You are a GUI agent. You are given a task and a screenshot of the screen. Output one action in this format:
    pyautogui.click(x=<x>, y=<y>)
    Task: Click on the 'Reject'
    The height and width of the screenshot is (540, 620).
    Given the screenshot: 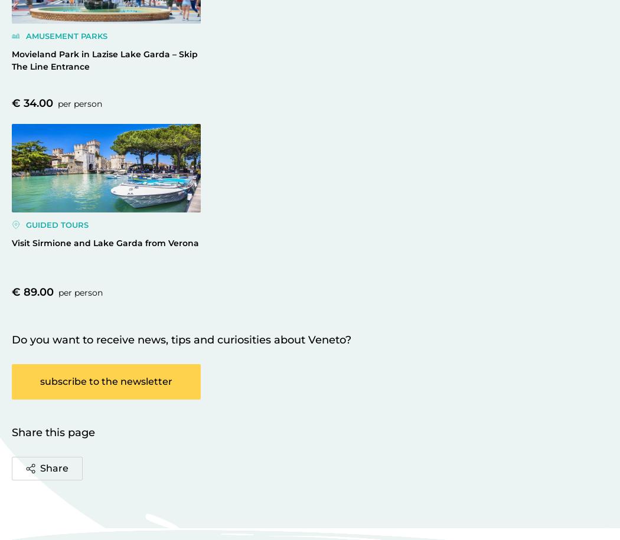 What is the action you would take?
    pyautogui.click(x=482, y=68)
    